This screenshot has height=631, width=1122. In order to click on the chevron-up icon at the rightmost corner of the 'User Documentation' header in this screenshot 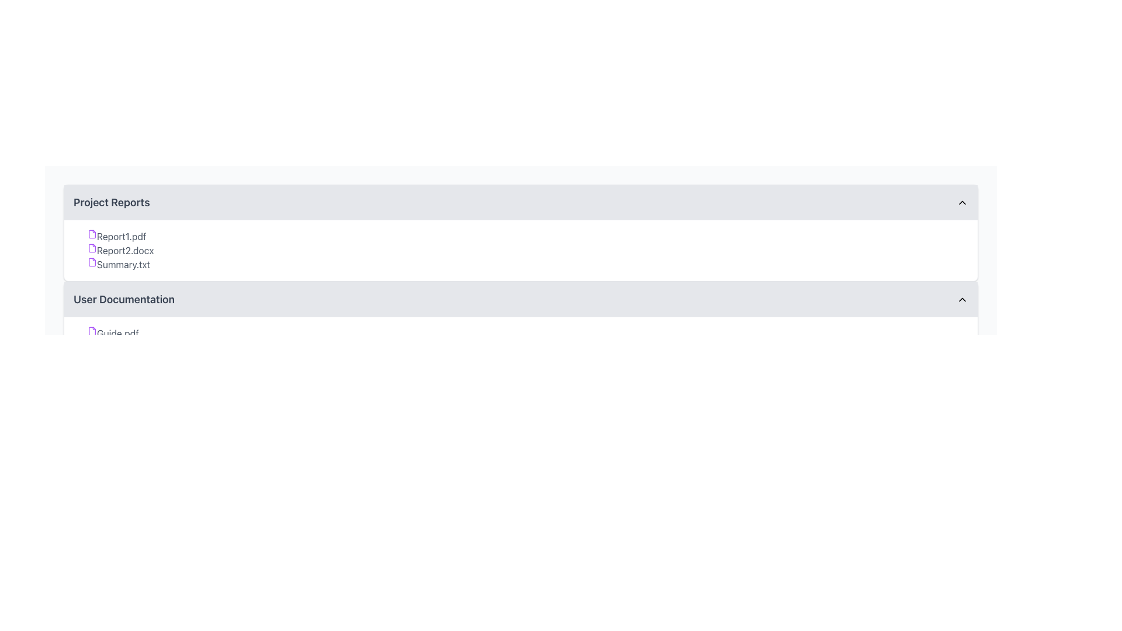, I will do `click(962, 299)`.